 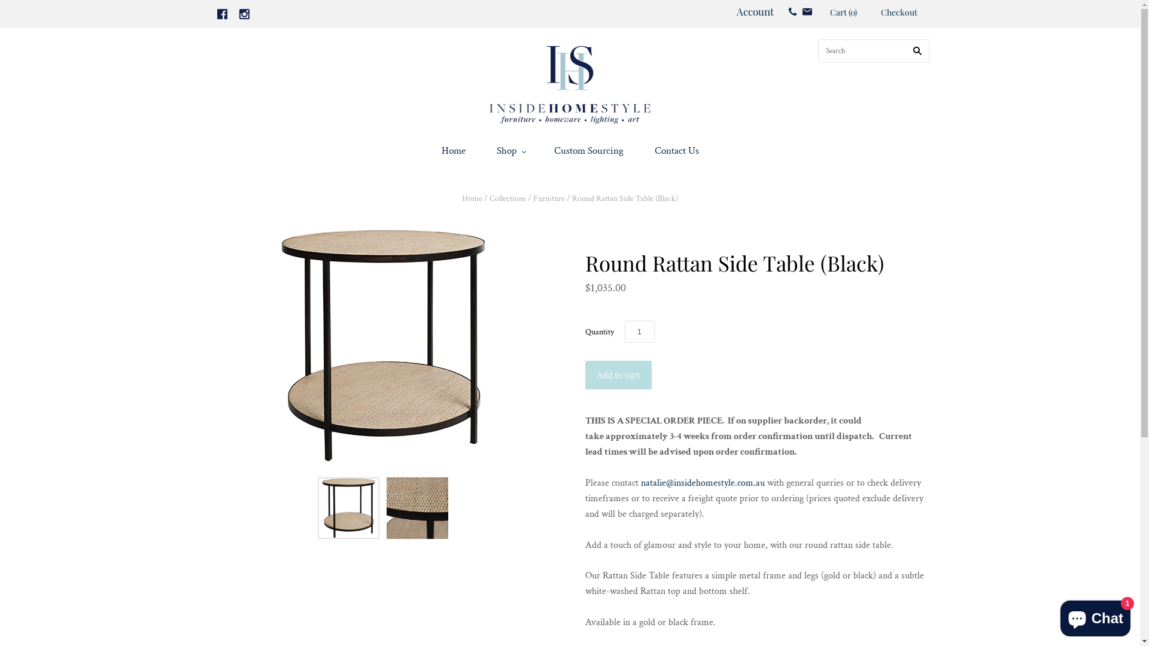 I want to click on 'Furniture', so click(x=533, y=197).